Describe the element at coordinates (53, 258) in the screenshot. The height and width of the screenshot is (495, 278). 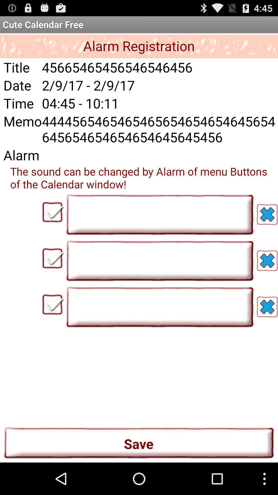
I see `button left to second text field` at that location.